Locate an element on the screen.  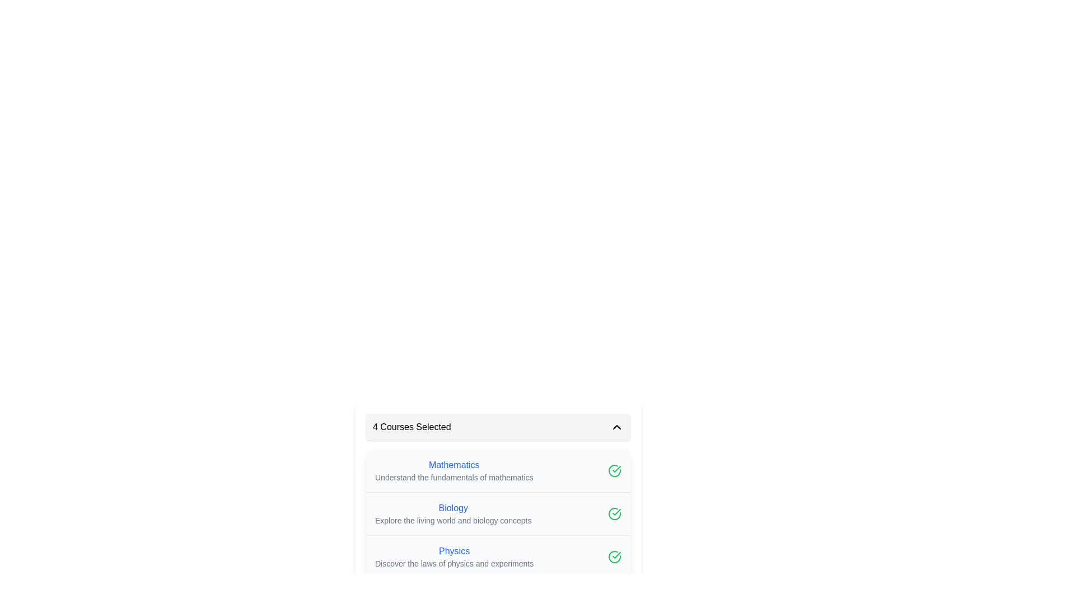
the 'Biology' course text block, which is the second item in the course list is located at coordinates (453, 513).